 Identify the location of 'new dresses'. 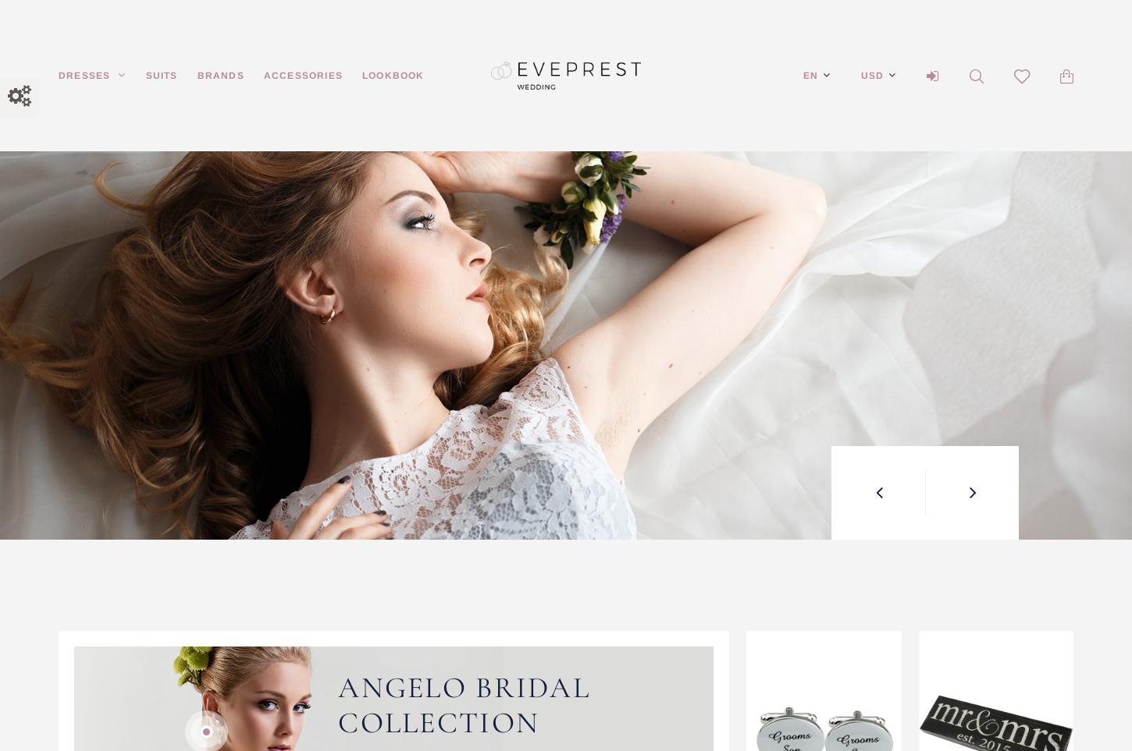
(682, 285).